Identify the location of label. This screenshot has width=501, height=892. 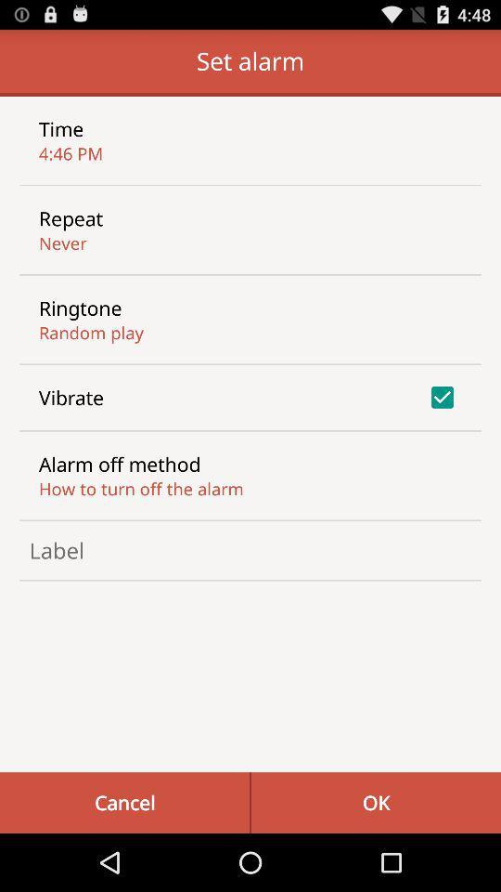
(250, 550).